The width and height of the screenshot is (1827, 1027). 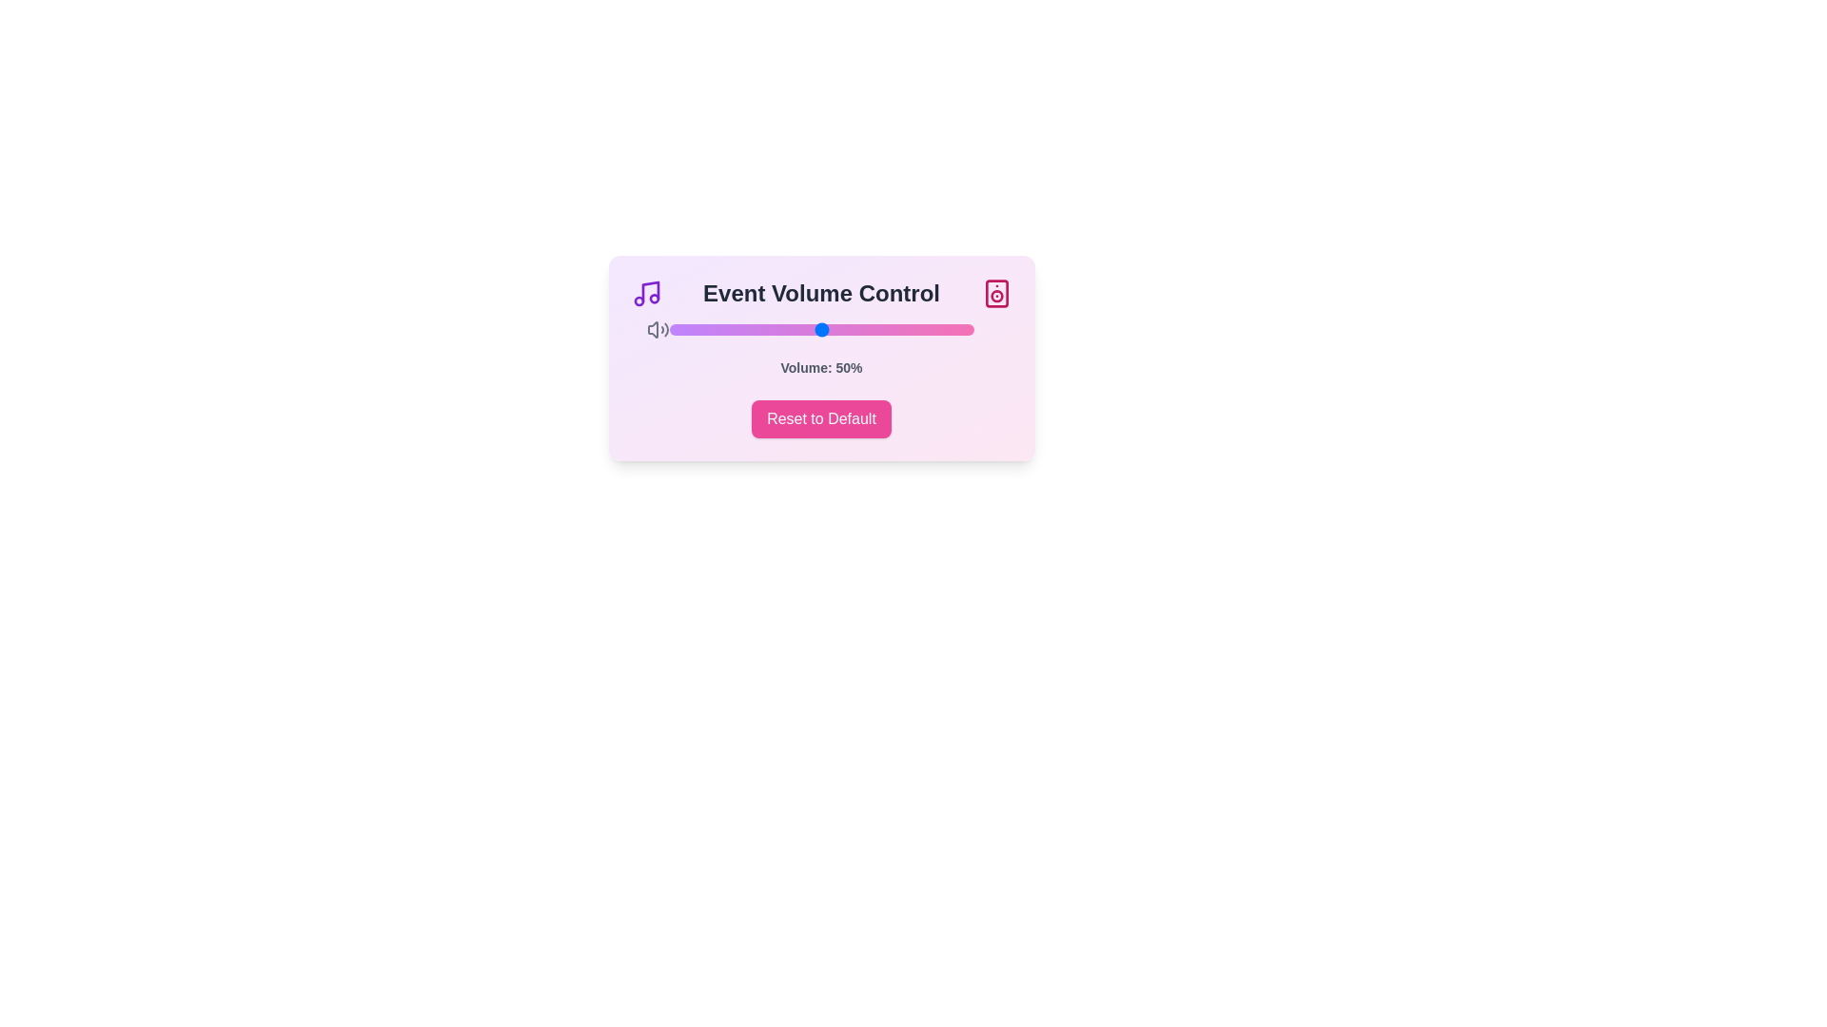 I want to click on the volume icon to inspect its behavior, so click(x=658, y=329).